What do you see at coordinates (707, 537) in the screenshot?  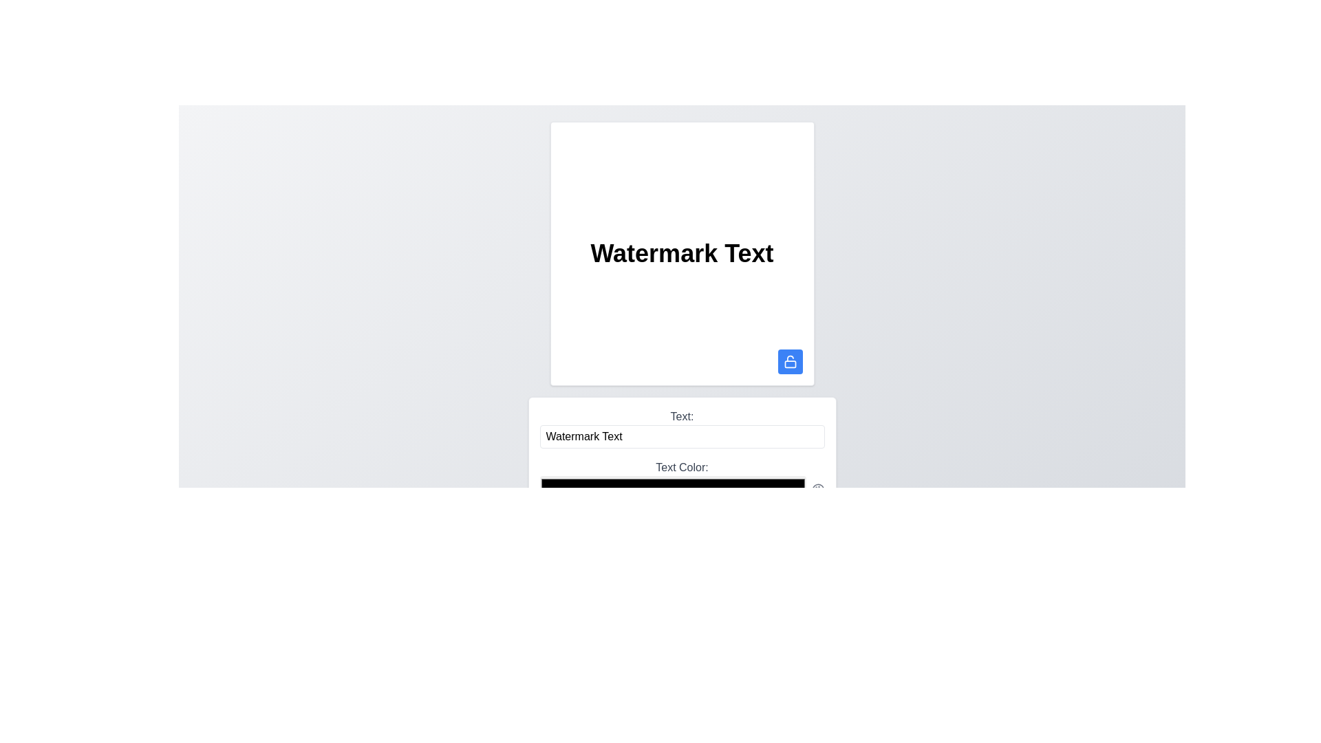 I see `the slider` at bounding box center [707, 537].